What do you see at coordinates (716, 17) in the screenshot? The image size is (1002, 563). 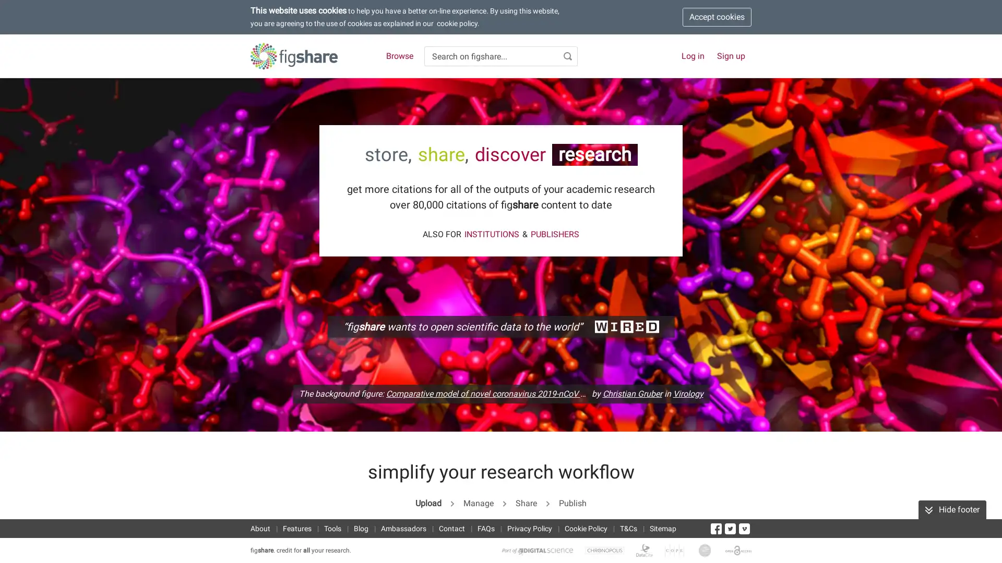 I see `Accept cookies` at bounding box center [716, 17].